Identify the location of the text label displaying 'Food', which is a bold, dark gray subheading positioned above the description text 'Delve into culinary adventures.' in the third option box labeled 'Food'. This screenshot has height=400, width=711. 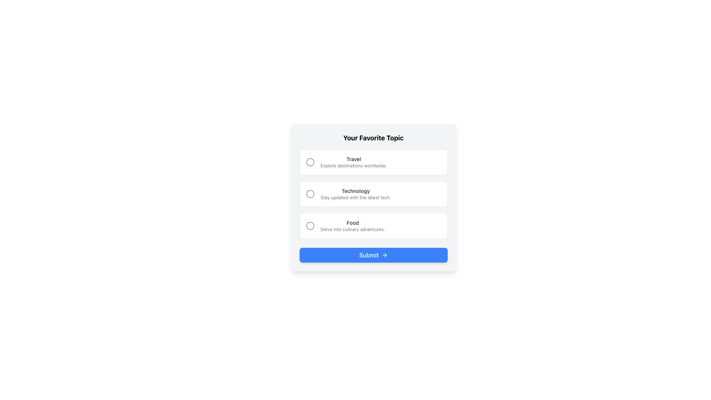
(352, 222).